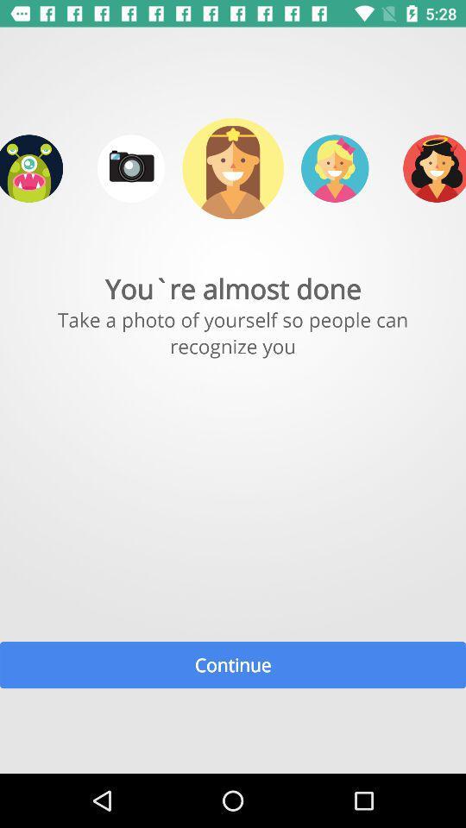 The height and width of the screenshot is (828, 466). I want to click on take photo, so click(130, 168).